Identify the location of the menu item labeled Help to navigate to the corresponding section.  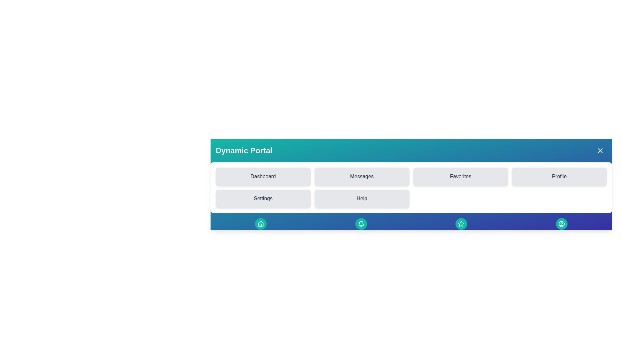
(362, 198).